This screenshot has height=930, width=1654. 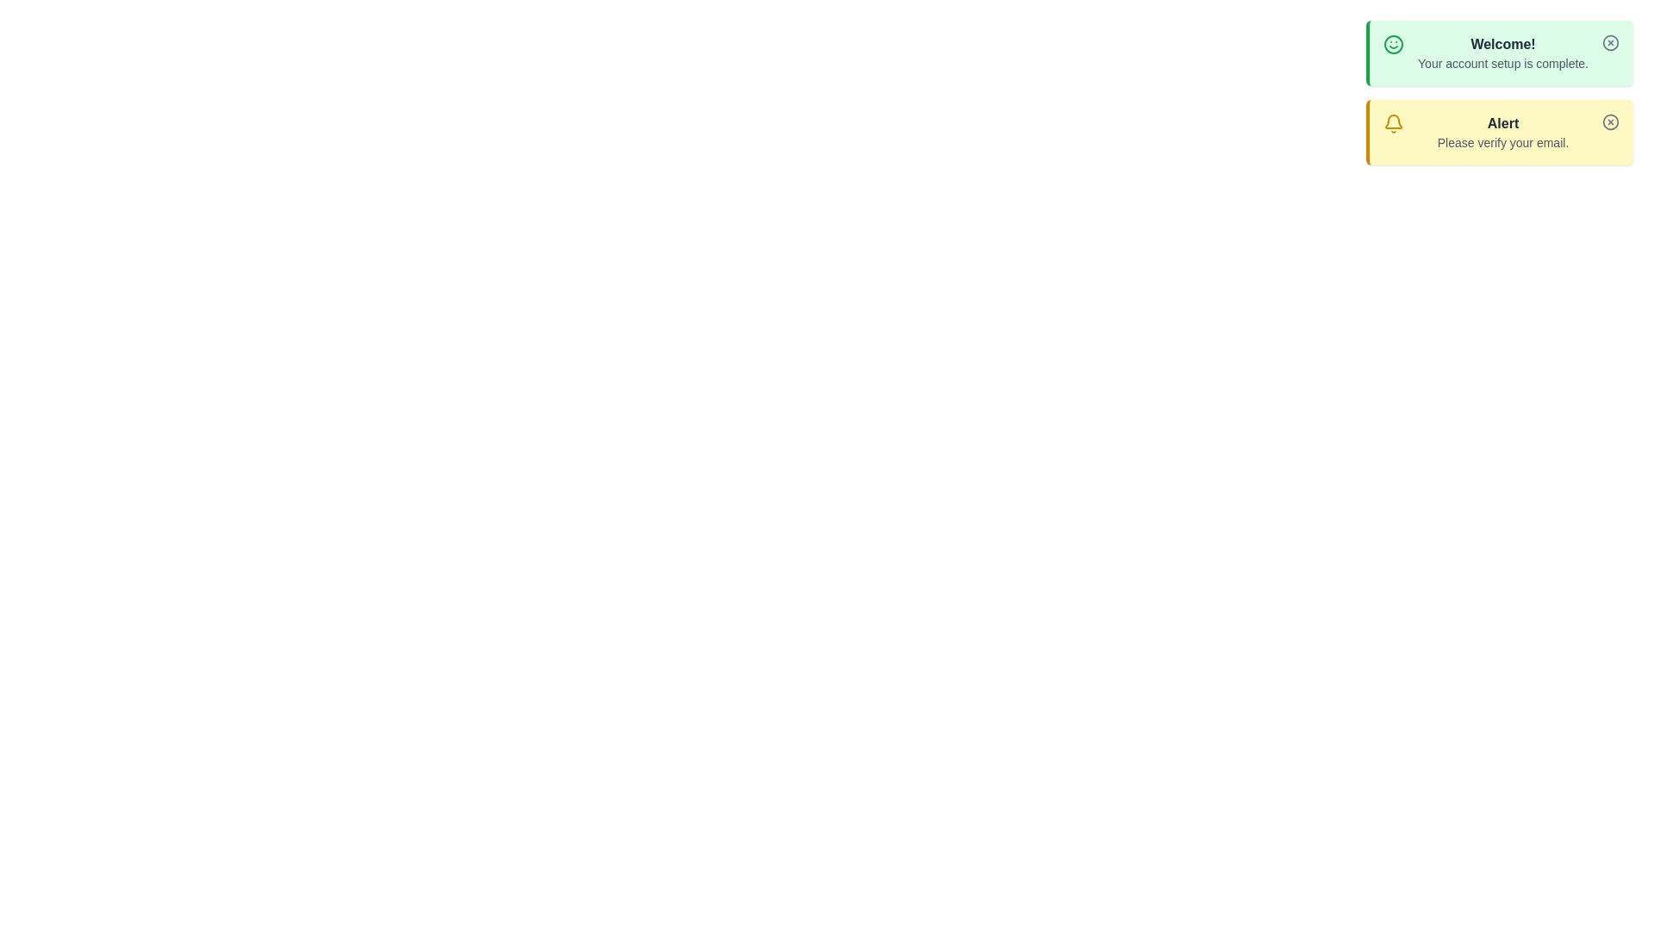 What do you see at coordinates (1502, 132) in the screenshot?
I see `the notification with title Alert to view its details` at bounding box center [1502, 132].